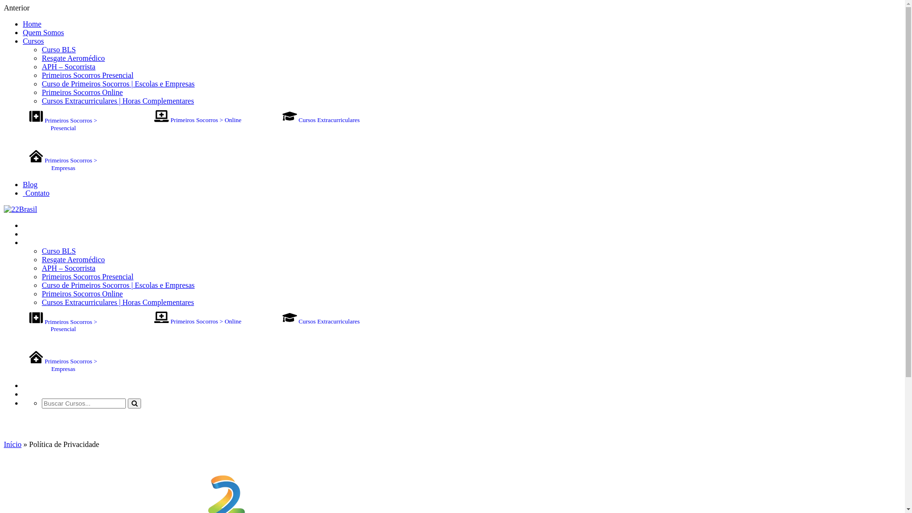 The width and height of the screenshot is (912, 513). Describe the element at coordinates (30, 385) in the screenshot. I see `'Blog'` at that location.